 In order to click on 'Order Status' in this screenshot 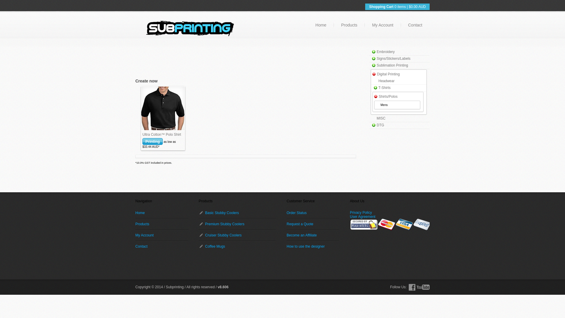, I will do `click(312, 213)`.